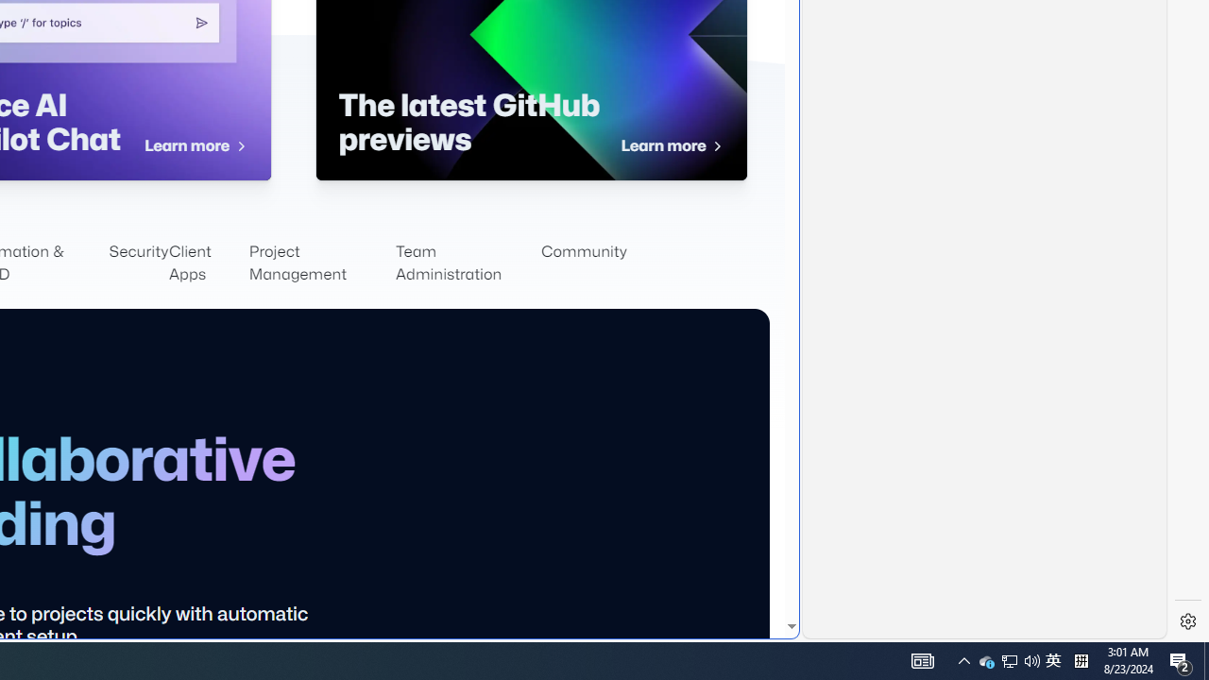  What do you see at coordinates (468, 263) in the screenshot?
I see `'Team Administration'` at bounding box center [468, 263].